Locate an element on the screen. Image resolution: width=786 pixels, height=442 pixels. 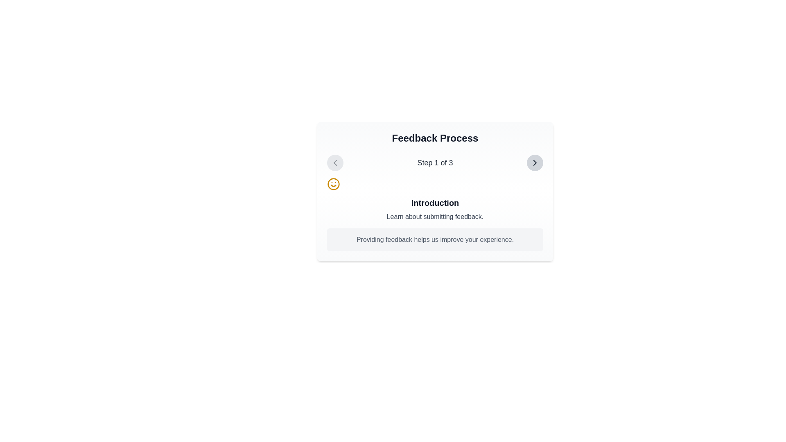
the heading element that introduces the section for submitting feedback, located in the top-middle region of the 'Feedback Process' box, above the text 'Learn about submitting feedback.' and below the smiley icon is located at coordinates (434, 203).